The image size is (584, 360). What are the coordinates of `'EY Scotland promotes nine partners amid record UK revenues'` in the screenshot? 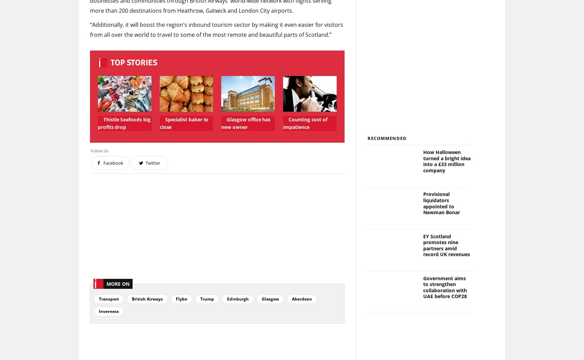 It's located at (446, 245).